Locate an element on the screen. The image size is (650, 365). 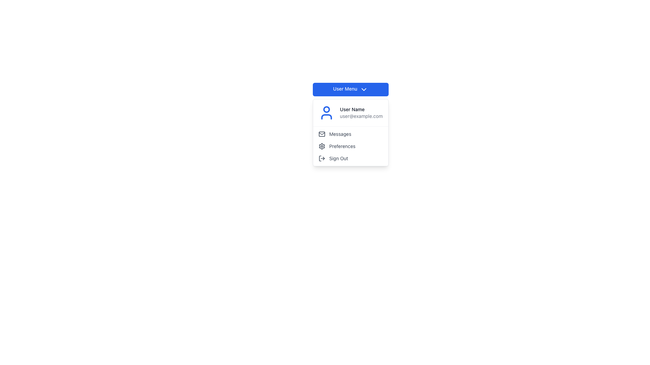
the logout icon, which is a minimalistic arrow exiting a box, located to the left of the 'Sign Out' text in the user options dropdown menu is located at coordinates (321, 159).